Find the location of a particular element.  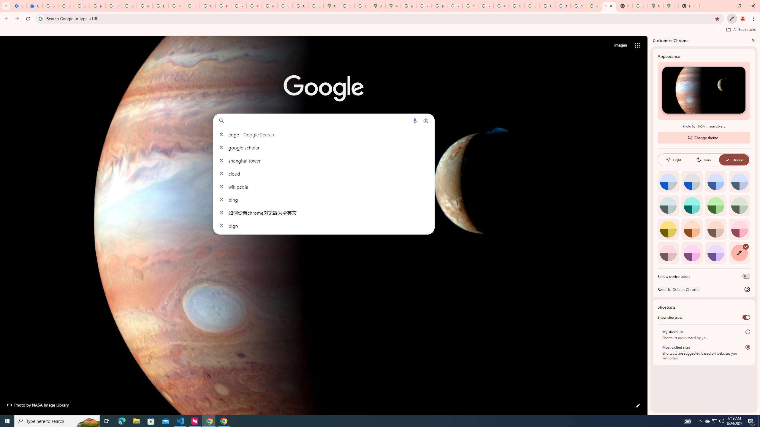

'New Tab' is located at coordinates (624, 6).